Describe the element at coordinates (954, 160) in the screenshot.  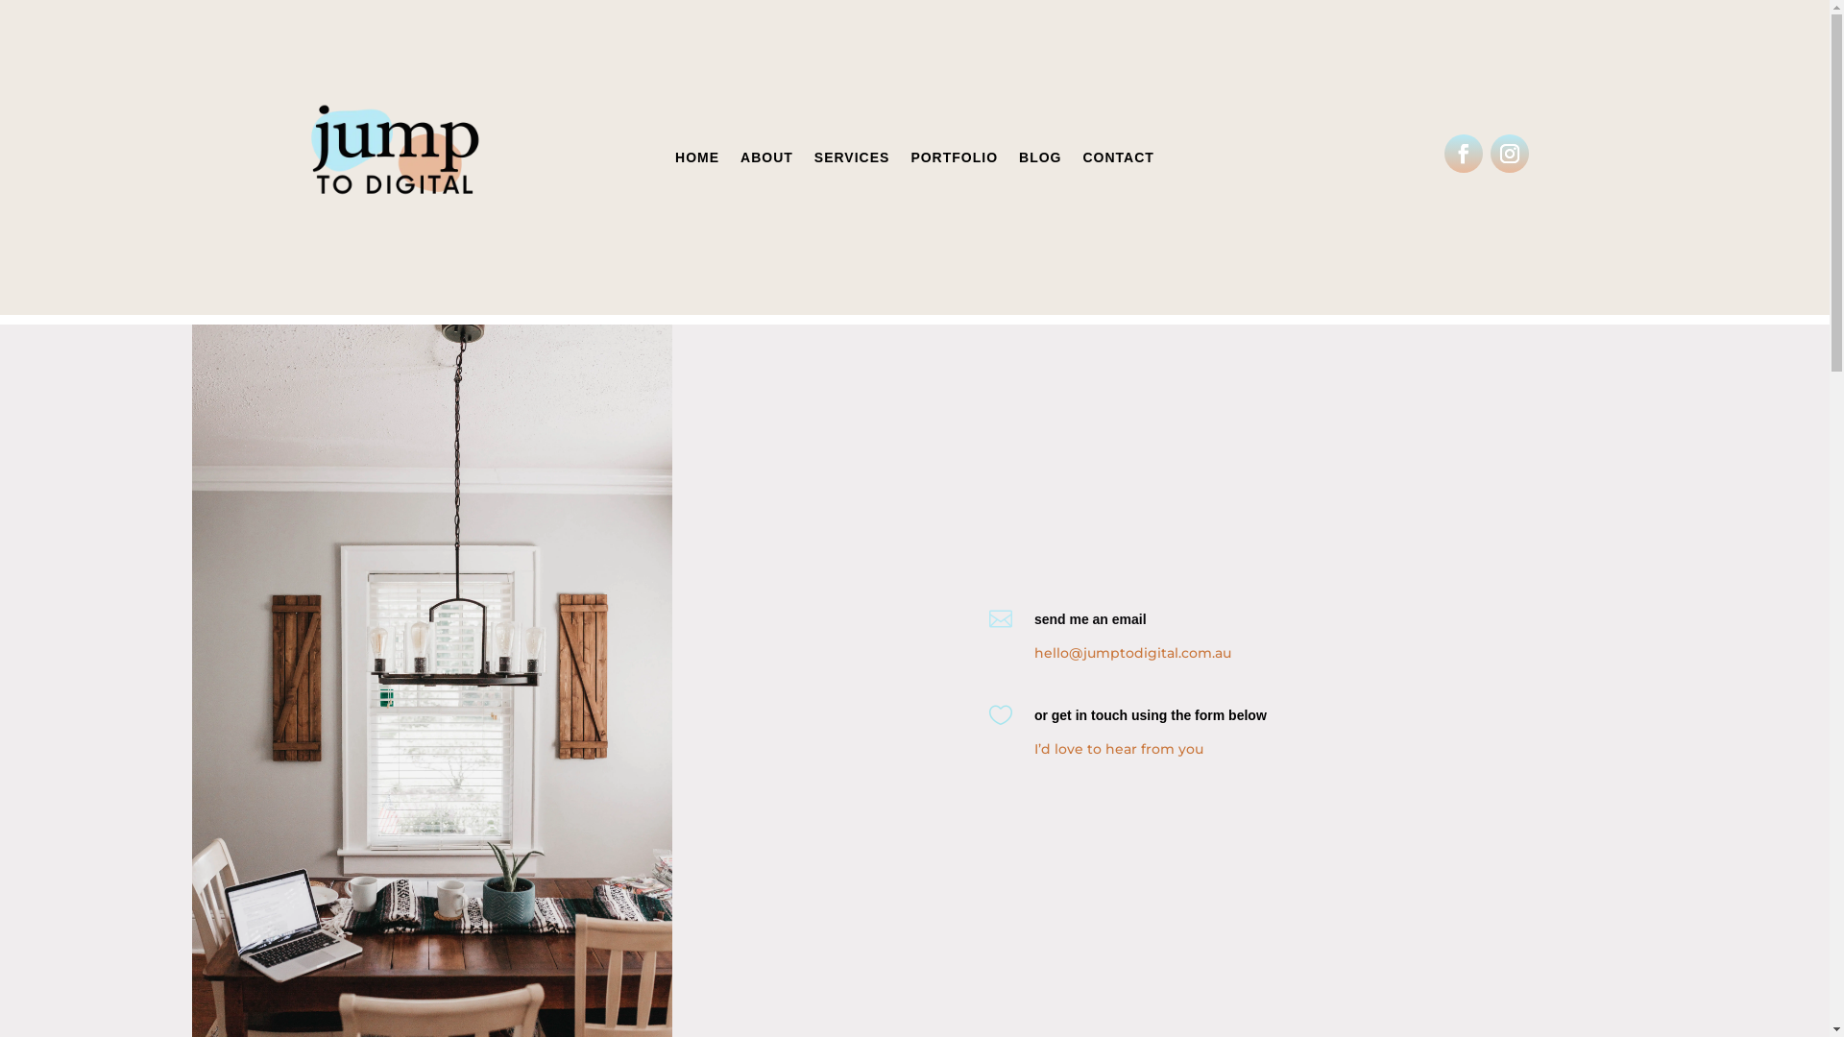
I see `'PORTFOLIO'` at that location.